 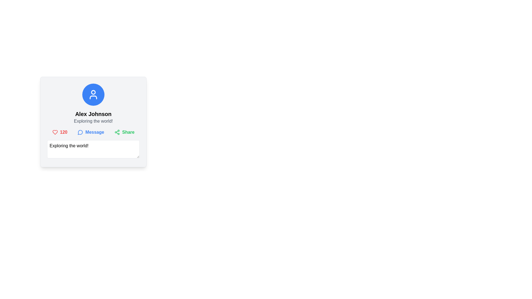 What do you see at coordinates (93, 94) in the screenshot?
I see `the Avatar or Profile Picture Placeholder located at the center top of the user profile card for quick actions` at bounding box center [93, 94].